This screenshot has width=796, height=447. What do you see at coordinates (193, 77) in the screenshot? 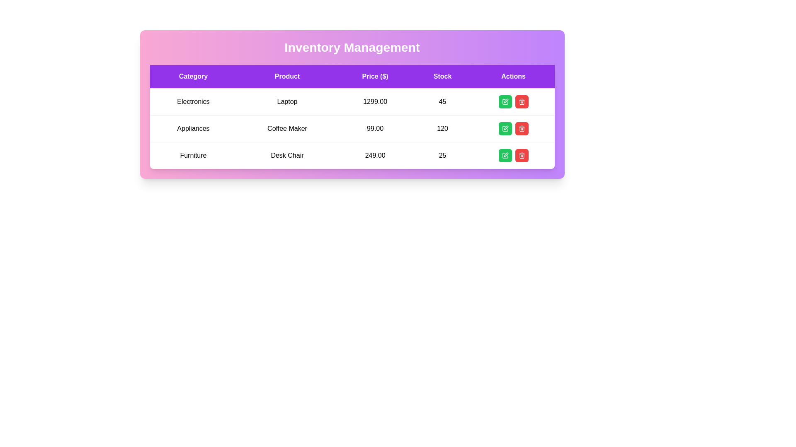
I see `the 'Category' header label in the table, which is the first column header aligned with other headers like 'Product', 'Price ($)', 'Stock', and 'Actions'` at bounding box center [193, 77].